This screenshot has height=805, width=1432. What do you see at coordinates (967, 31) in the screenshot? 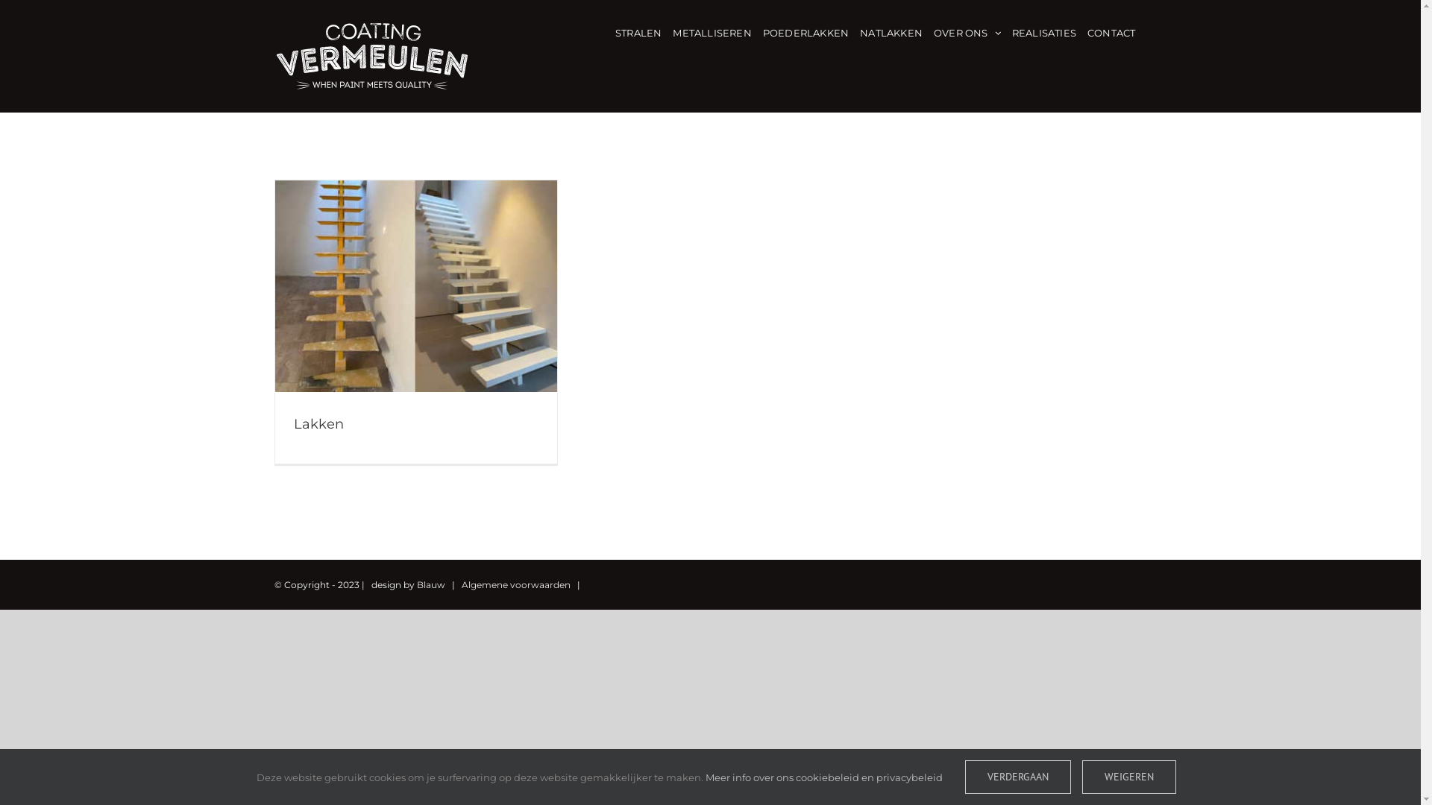
I see `'OVER ONS'` at bounding box center [967, 31].